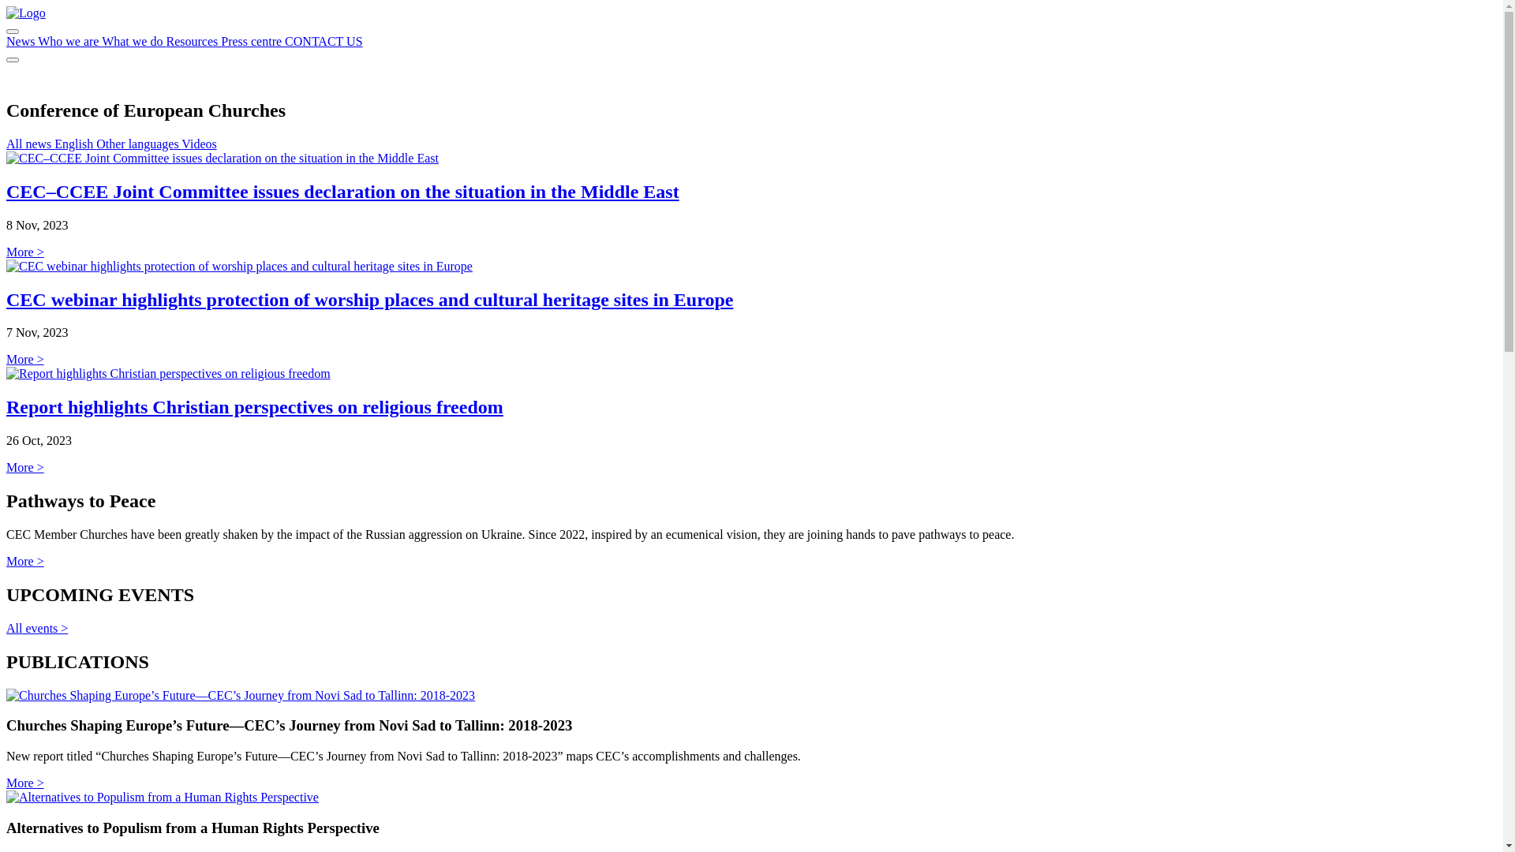  What do you see at coordinates (192, 40) in the screenshot?
I see `'Resources'` at bounding box center [192, 40].